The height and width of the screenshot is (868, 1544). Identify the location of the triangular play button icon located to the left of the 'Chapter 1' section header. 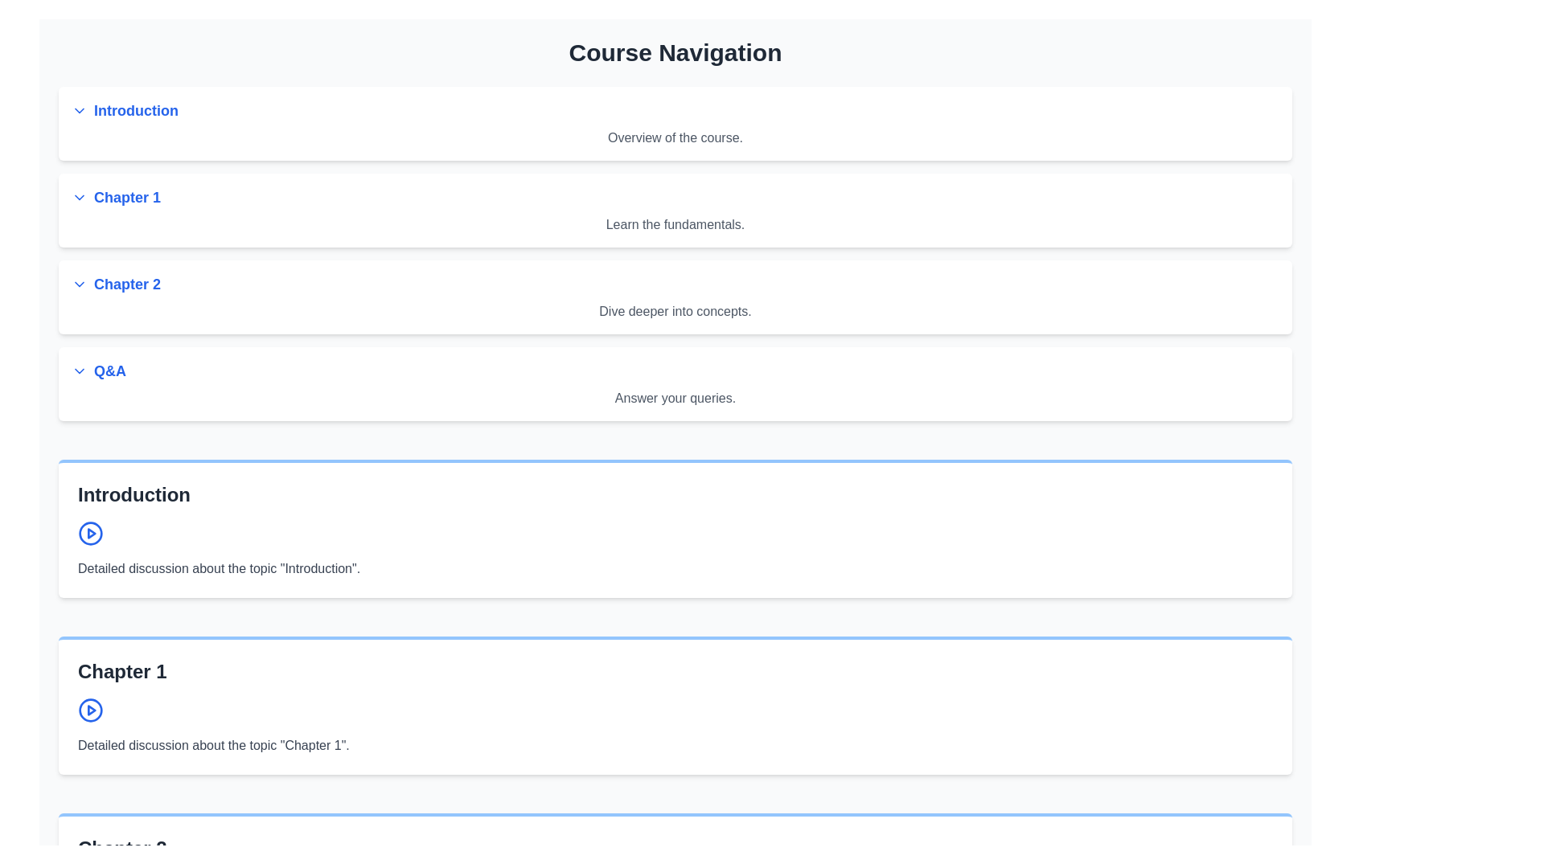
(91, 533).